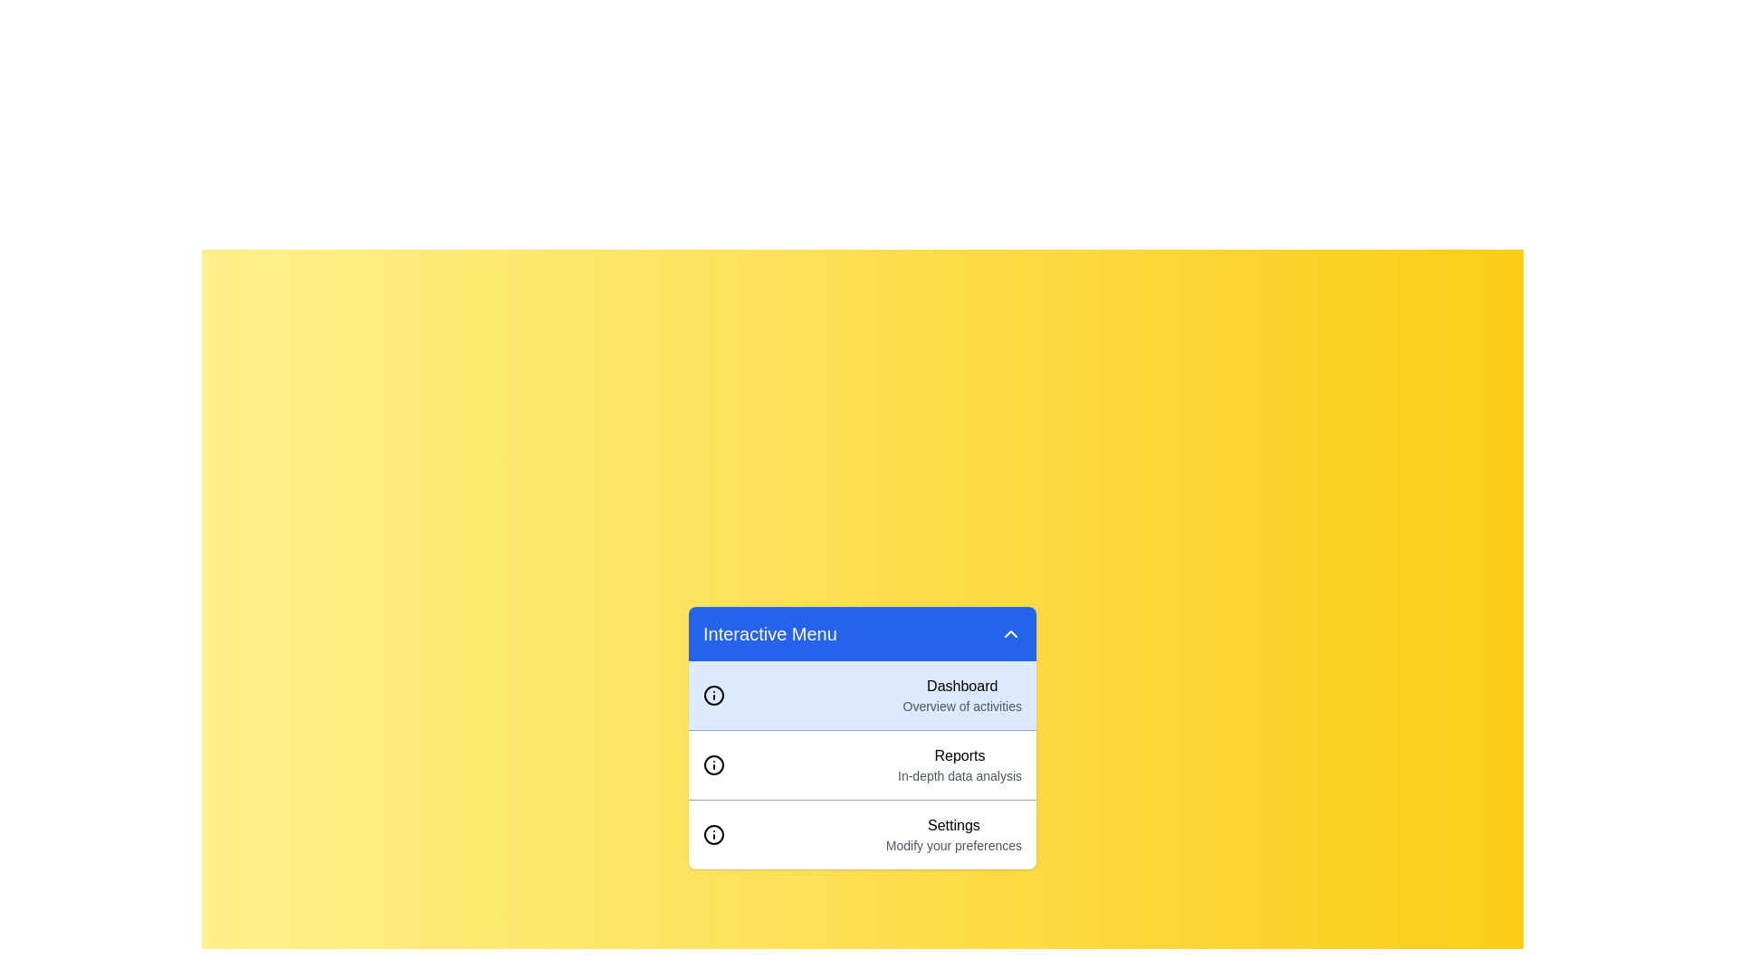 The width and height of the screenshot is (1738, 977). Describe the element at coordinates (862, 694) in the screenshot. I see `the item Dashboard from the list` at that location.